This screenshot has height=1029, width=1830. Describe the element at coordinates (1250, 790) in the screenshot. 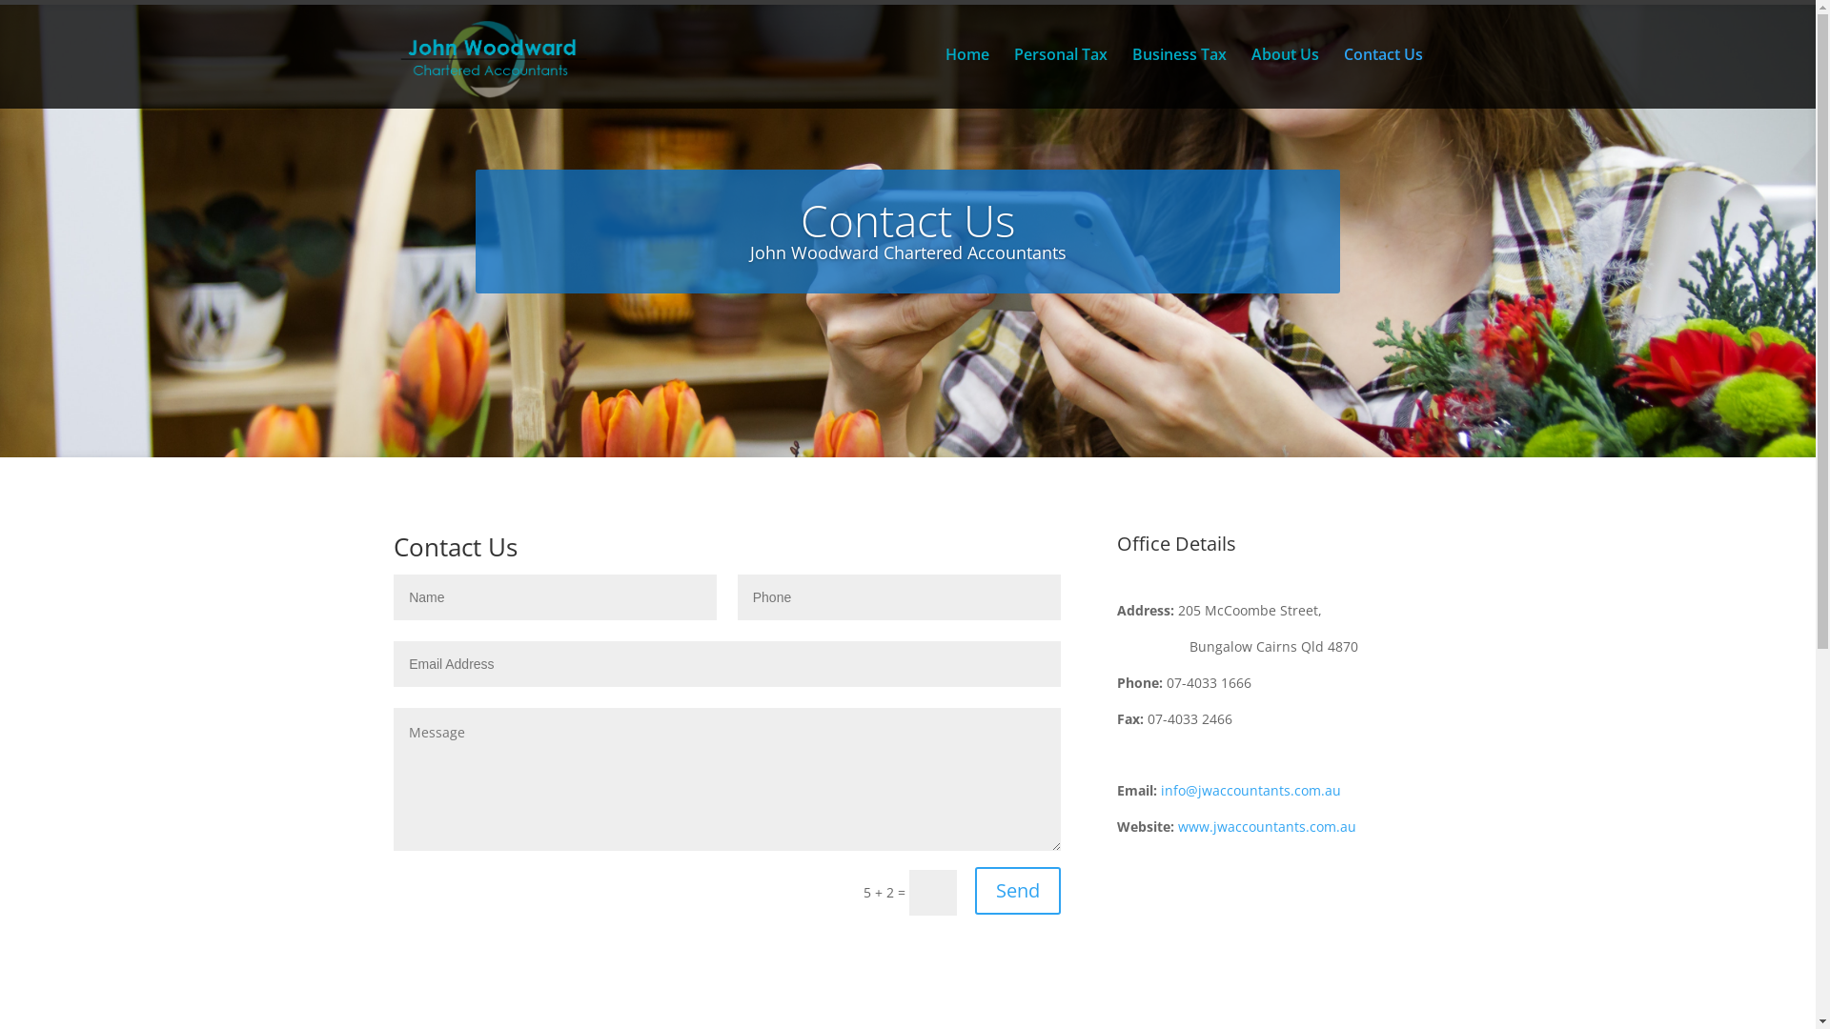

I see `'info@jwaccountants.com.au'` at that location.